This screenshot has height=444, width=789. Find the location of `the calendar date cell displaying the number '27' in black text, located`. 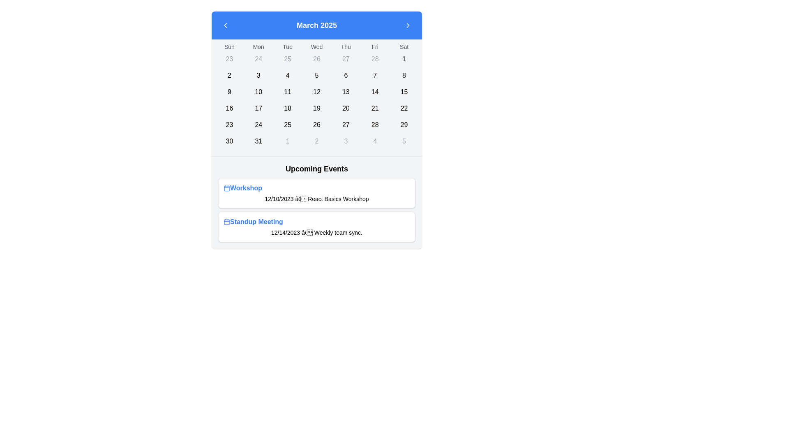

the calendar date cell displaying the number '27' in black text, located is located at coordinates (346, 125).